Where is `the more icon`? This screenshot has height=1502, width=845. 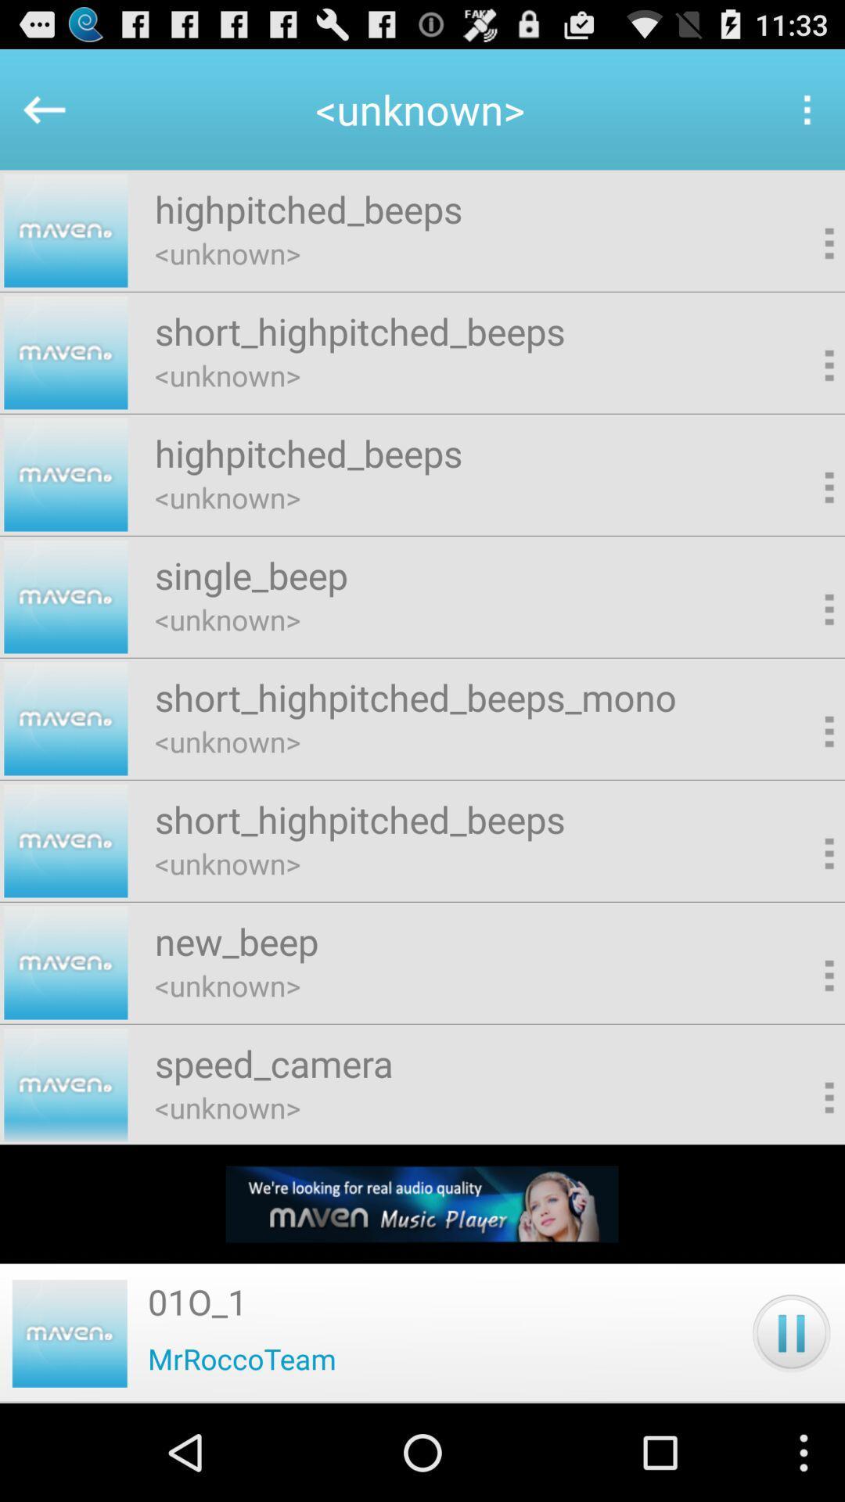
the more icon is located at coordinates (804, 653).